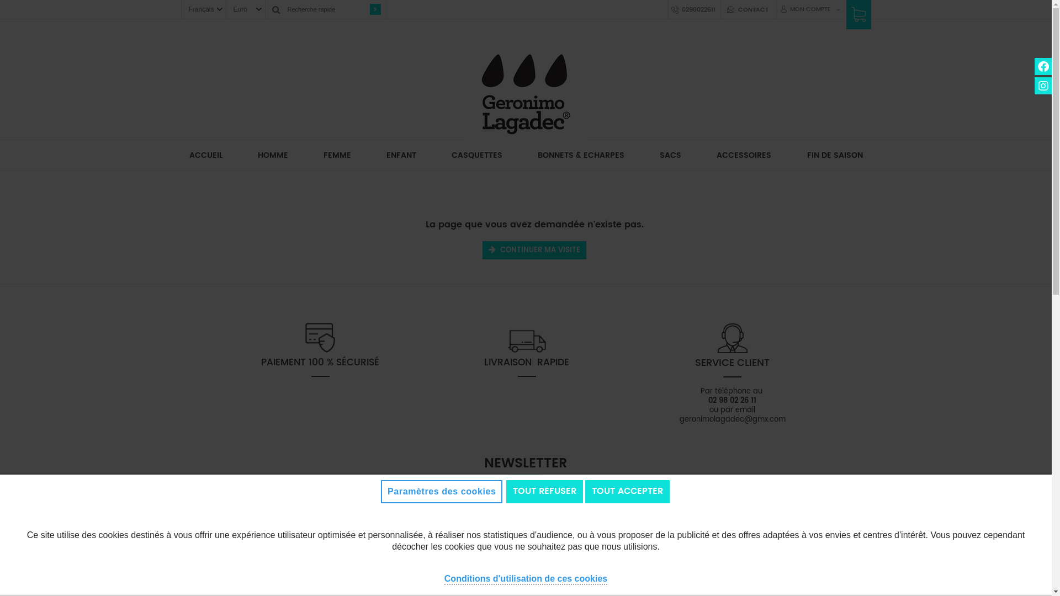  What do you see at coordinates (206, 155) in the screenshot?
I see `'ACCUEIL'` at bounding box center [206, 155].